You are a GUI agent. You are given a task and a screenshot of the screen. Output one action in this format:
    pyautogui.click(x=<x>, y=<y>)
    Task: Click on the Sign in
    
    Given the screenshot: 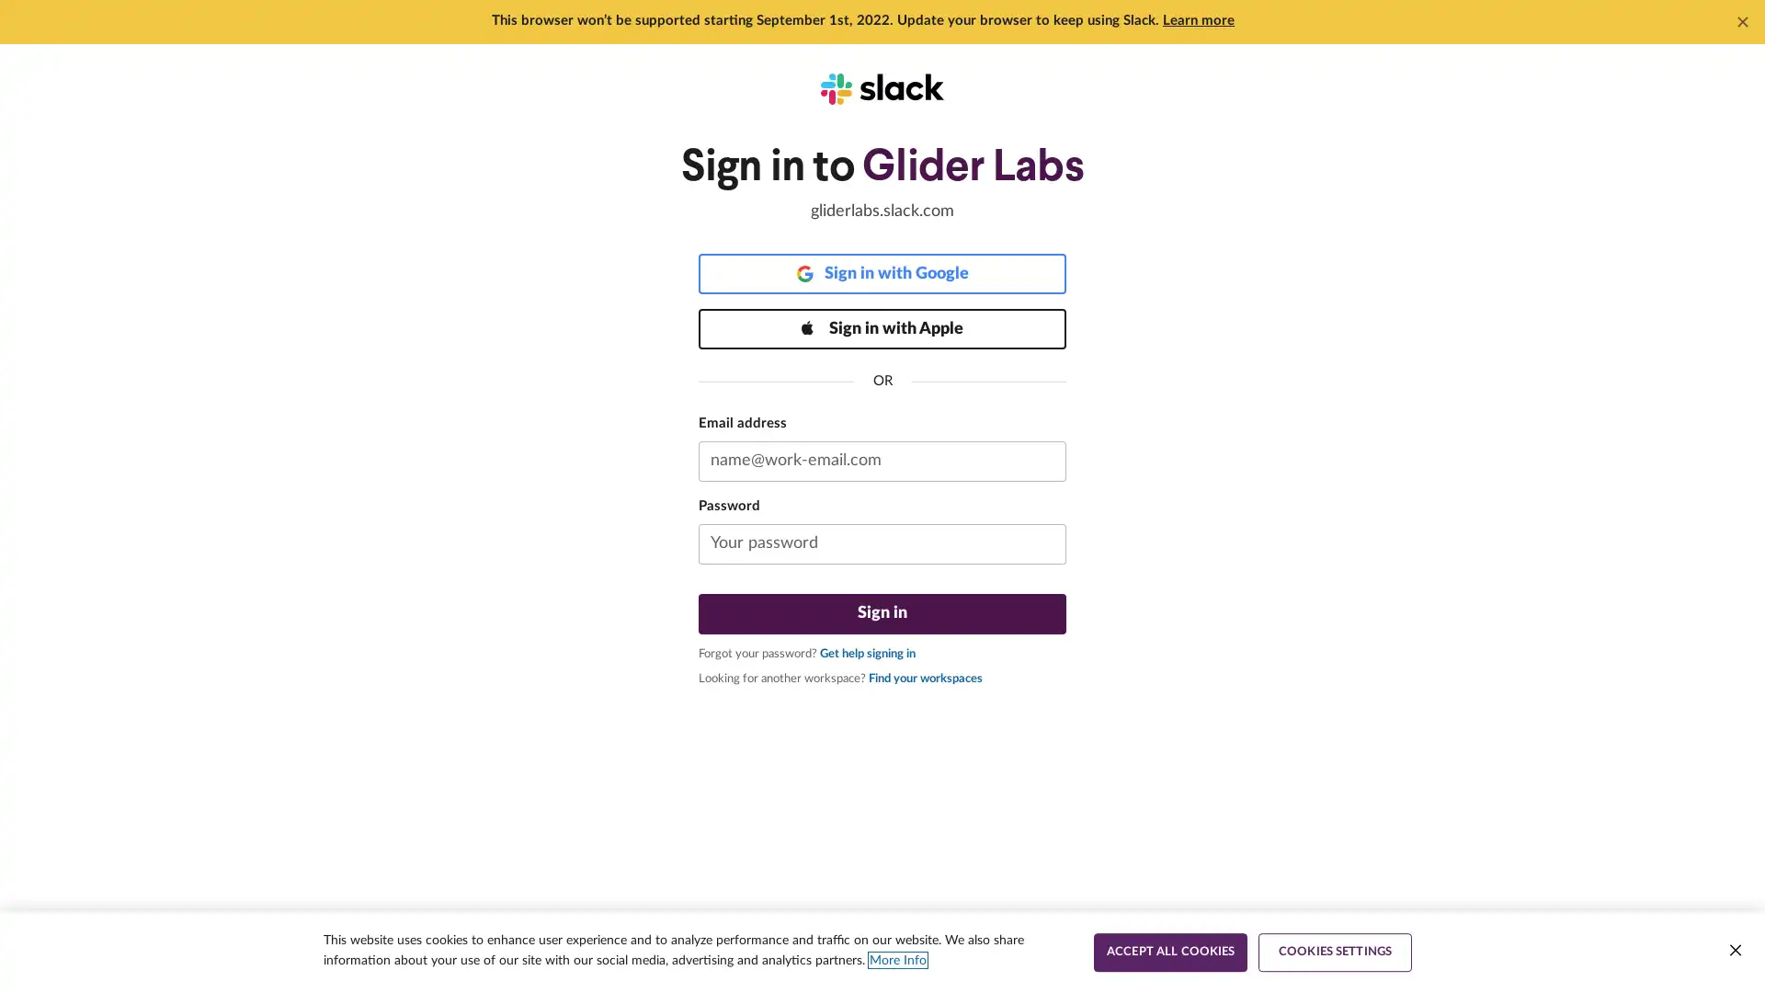 What is the action you would take?
    pyautogui.click(x=882, y=613)
    